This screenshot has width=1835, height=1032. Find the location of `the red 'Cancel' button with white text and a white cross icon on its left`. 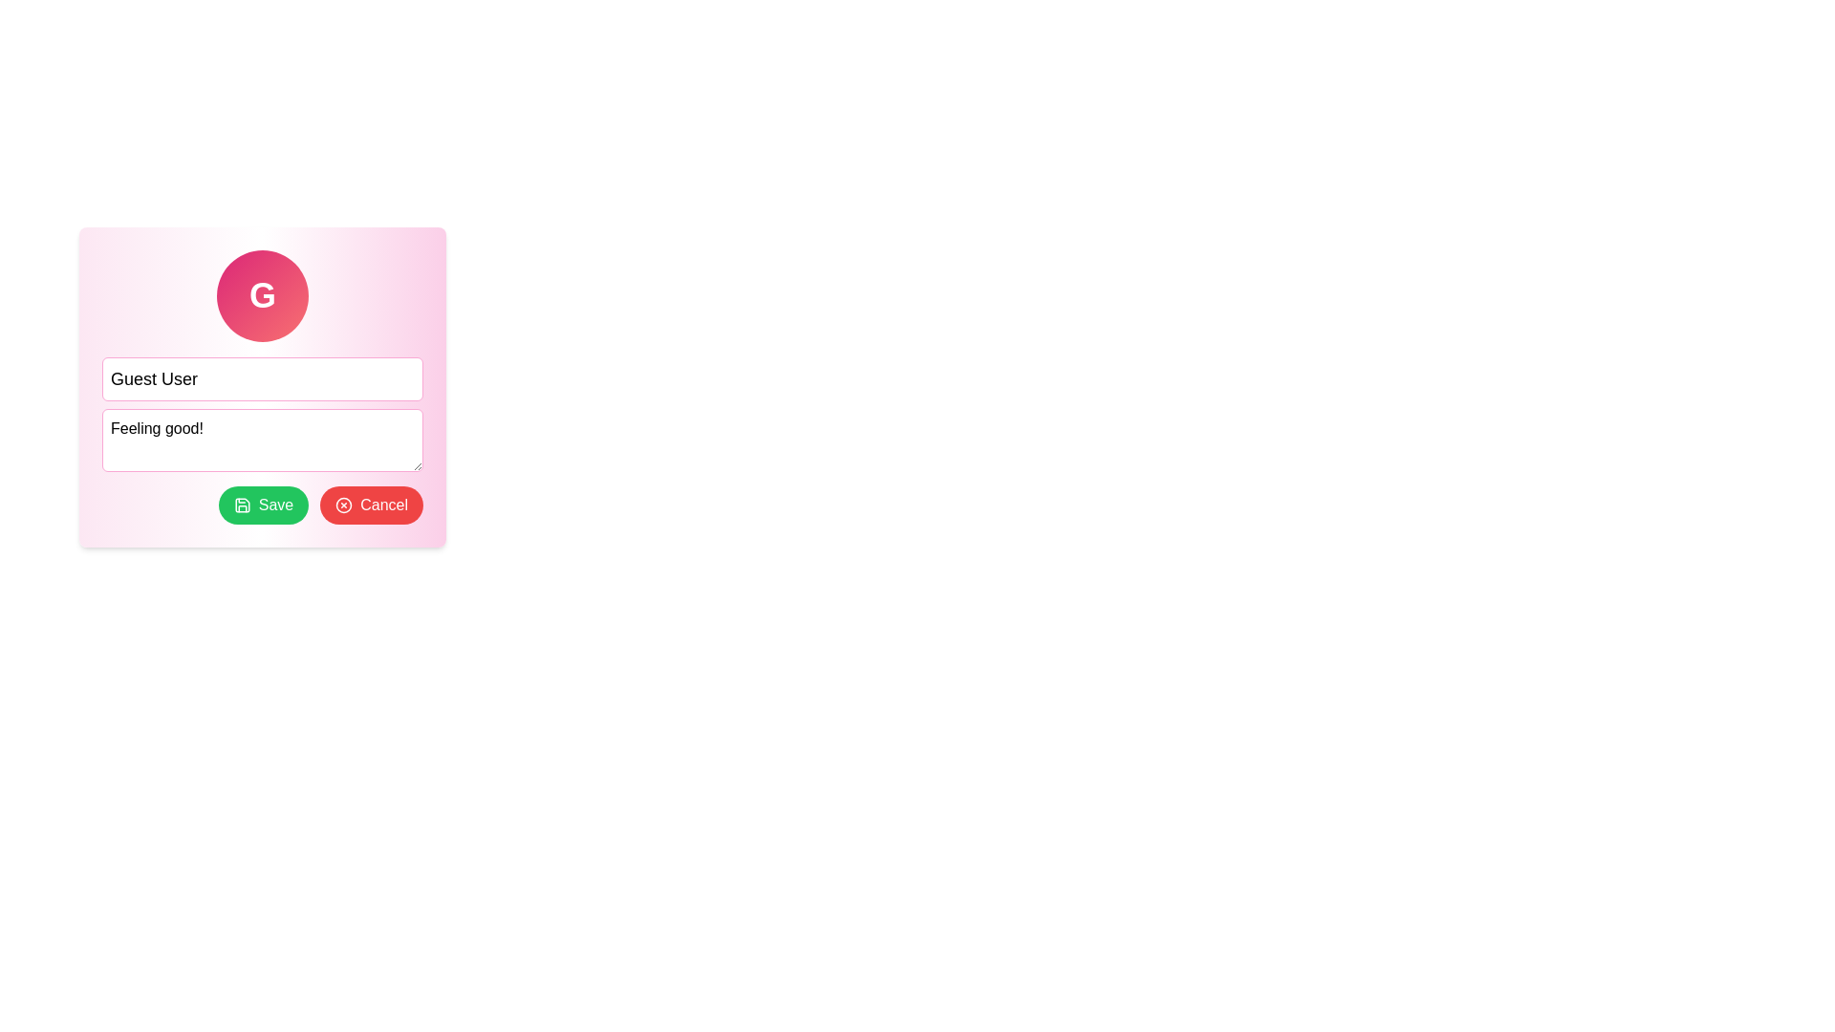

the red 'Cancel' button with white text and a white cross icon on its left is located at coordinates (383, 504).